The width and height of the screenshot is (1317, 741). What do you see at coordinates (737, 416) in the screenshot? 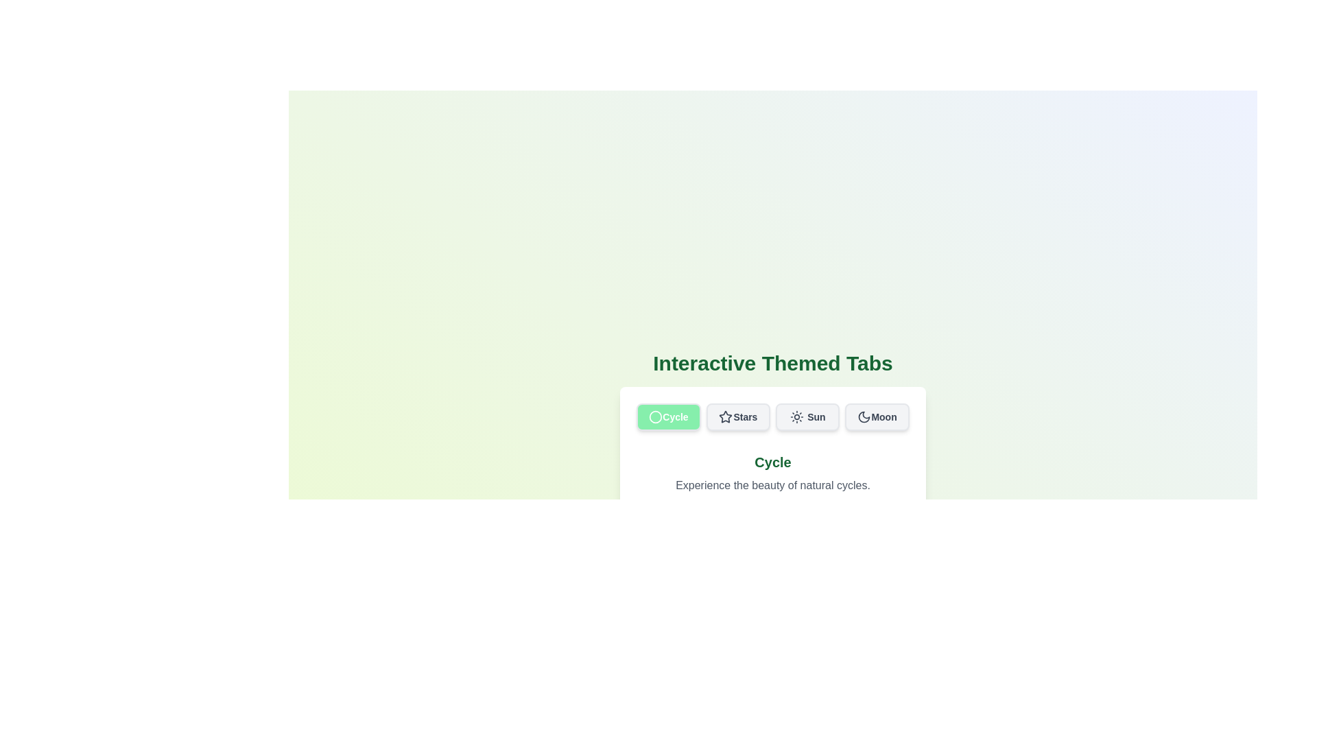
I see `the tab labeled Stars` at bounding box center [737, 416].